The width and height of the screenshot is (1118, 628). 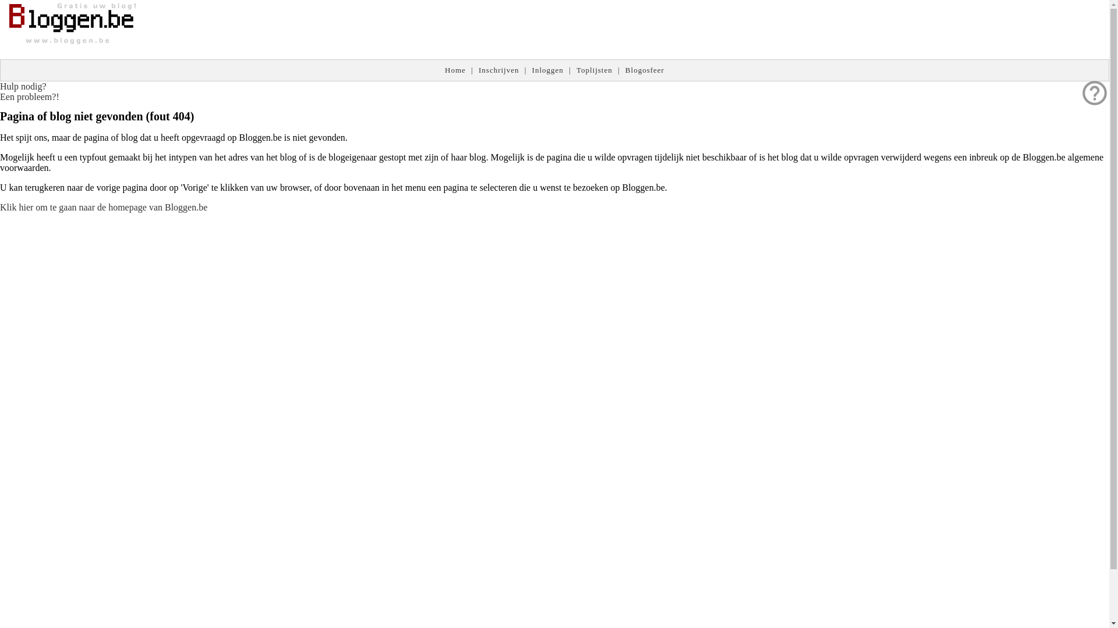 What do you see at coordinates (103, 206) in the screenshot?
I see `'Klik hier om te gaan naar de homepage van Bloggen.be'` at bounding box center [103, 206].